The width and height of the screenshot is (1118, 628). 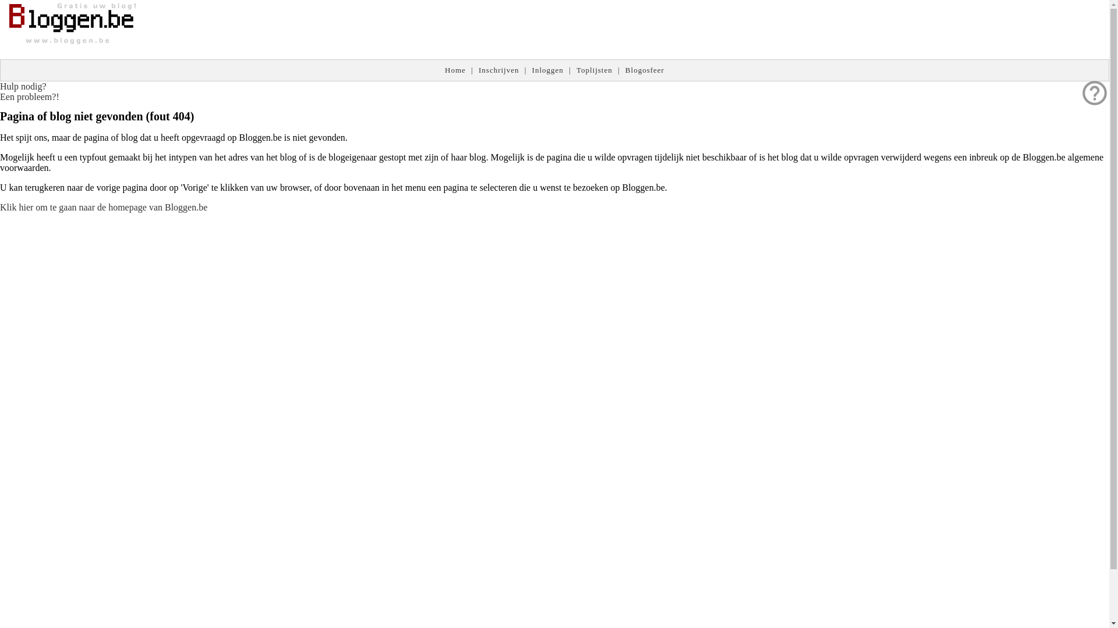 What do you see at coordinates (103, 206) in the screenshot?
I see `'Klik hier om te gaan naar de homepage van Bloggen.be'` at bounding box center [103, 206].